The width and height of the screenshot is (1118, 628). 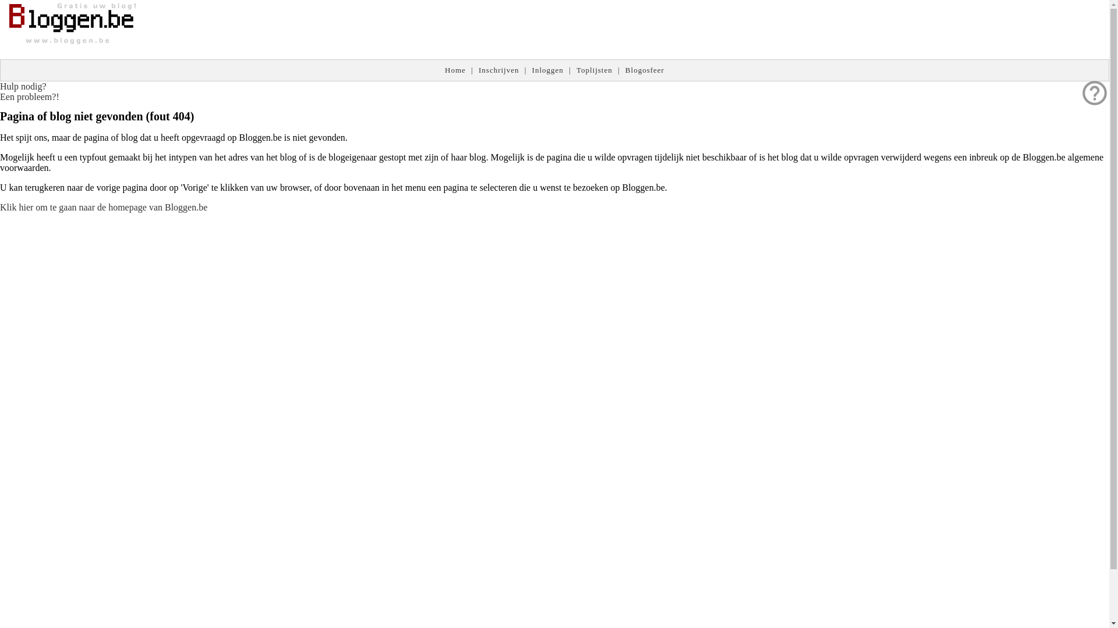 What do you see at coordinates (103, 206) in the screenshot?
I see `'Klik hier om te gaan naar de homepage van Bloggen.be'` at bounding box center [103, 206].